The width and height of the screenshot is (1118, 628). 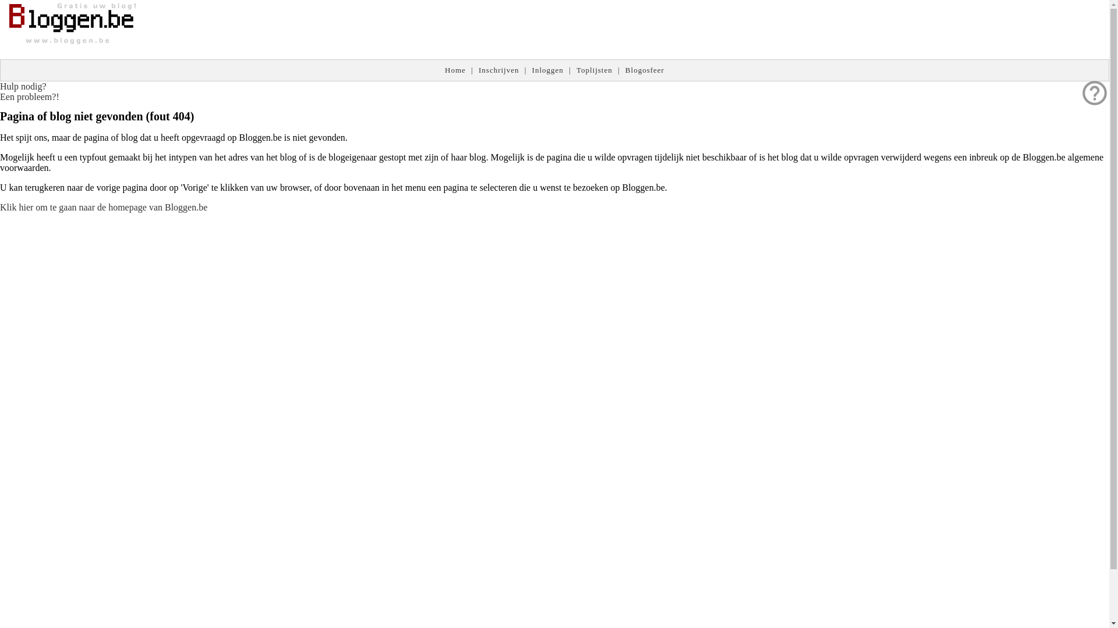 What do you see at coordinates (103, 206) in the screenshot?
I see `'Klik hier om te gaan naar de homepage van Bloggen.be'` at bounding box center [103, 206].